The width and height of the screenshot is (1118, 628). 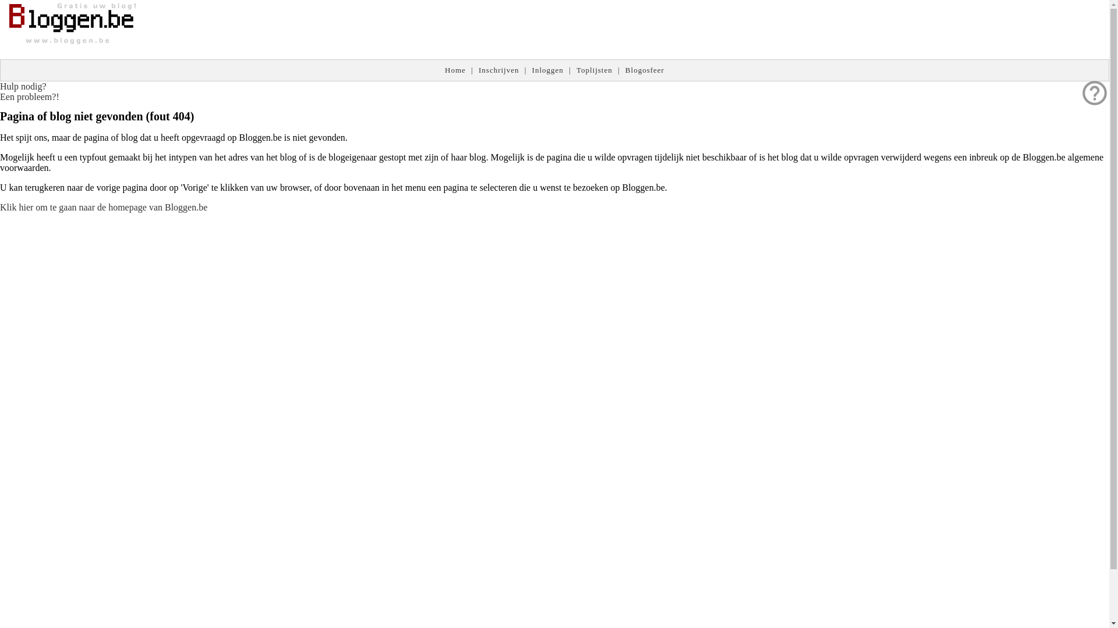 What do you see at coordinates (103, 206) in the screenshot?
I see `'Klik hier om te gaan naar de homepage van Bloggen.be'` at bounding box center [103, 206].